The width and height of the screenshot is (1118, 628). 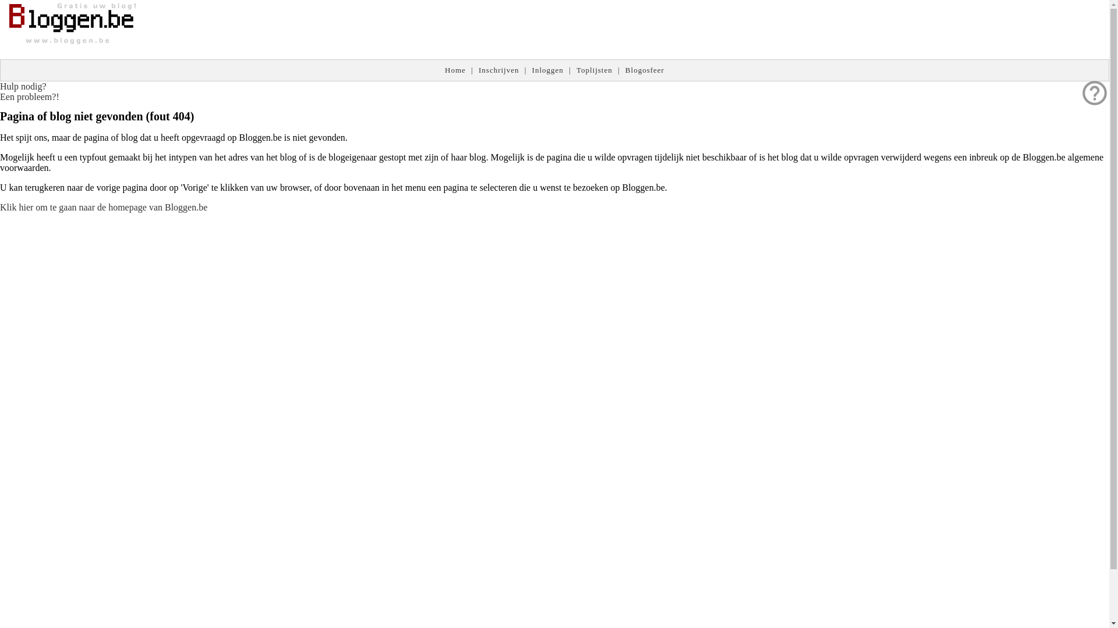 What do you see at coordinates (103, 206) in the screenshot?
I see `'Klik hier om te gaan naar de homepage van Bloggen.be'` at bounding box center [103, 206].